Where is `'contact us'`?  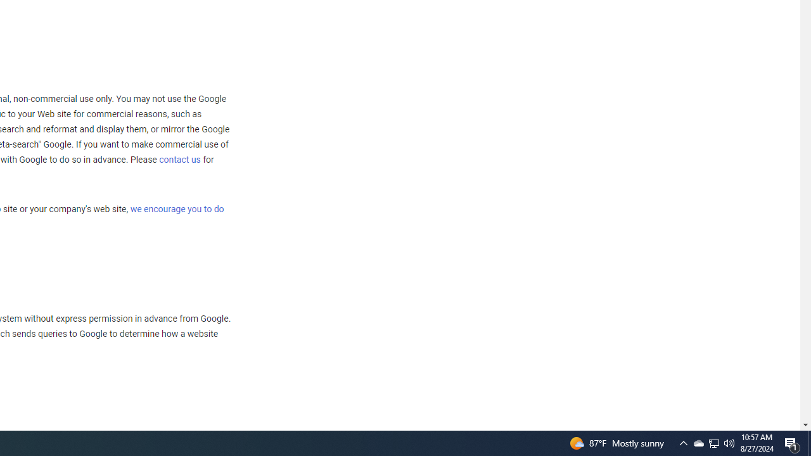
'contact us' is located at coordinates (179, 158).